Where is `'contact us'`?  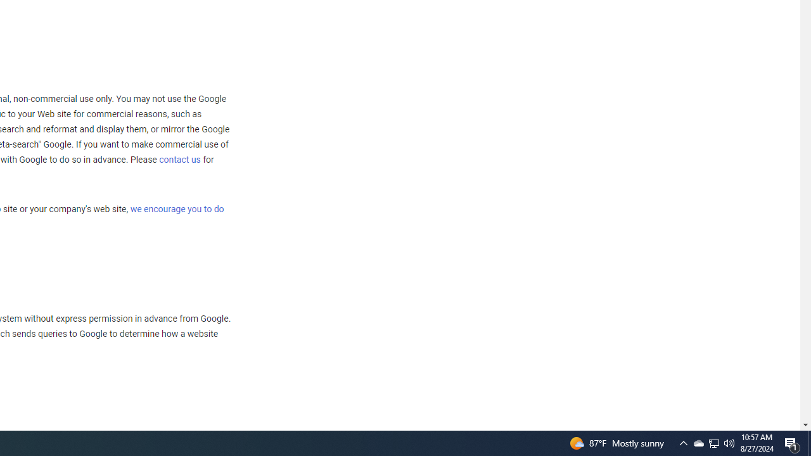
'contact us' is located at coordinates (179, 158).